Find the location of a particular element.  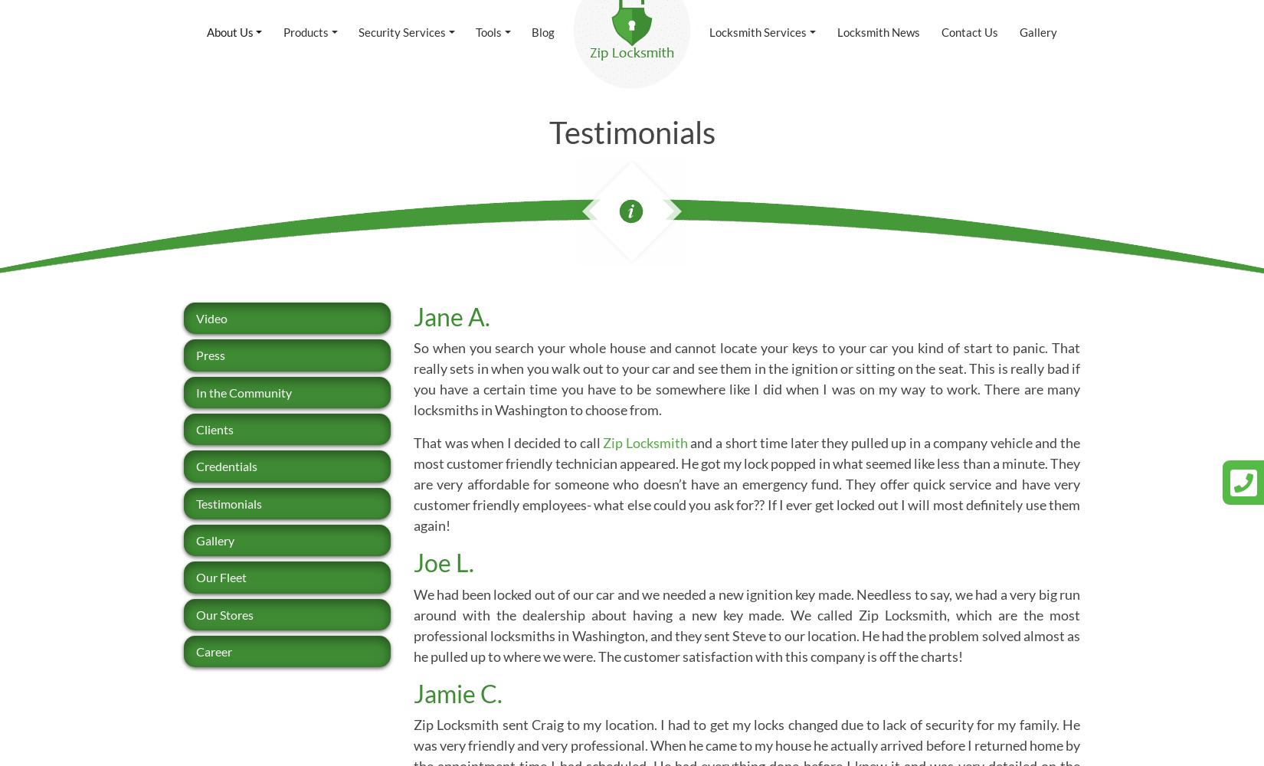

'Press' is located at coordinates (211, 354).